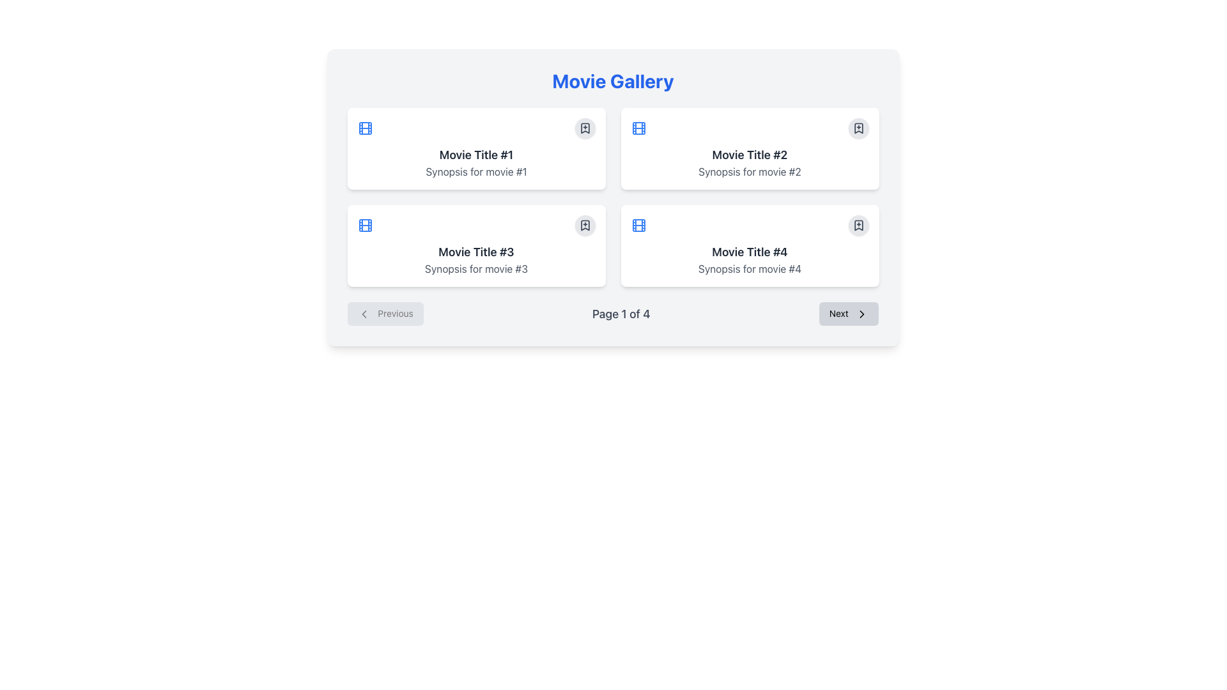  What do you see at coordinates (862, 314) in the screenshot?
I see `the rightward-pointing arrow SVG icon located next to the 'Next' button, which indicates navigation functionality` at bounding box center [862, 314].